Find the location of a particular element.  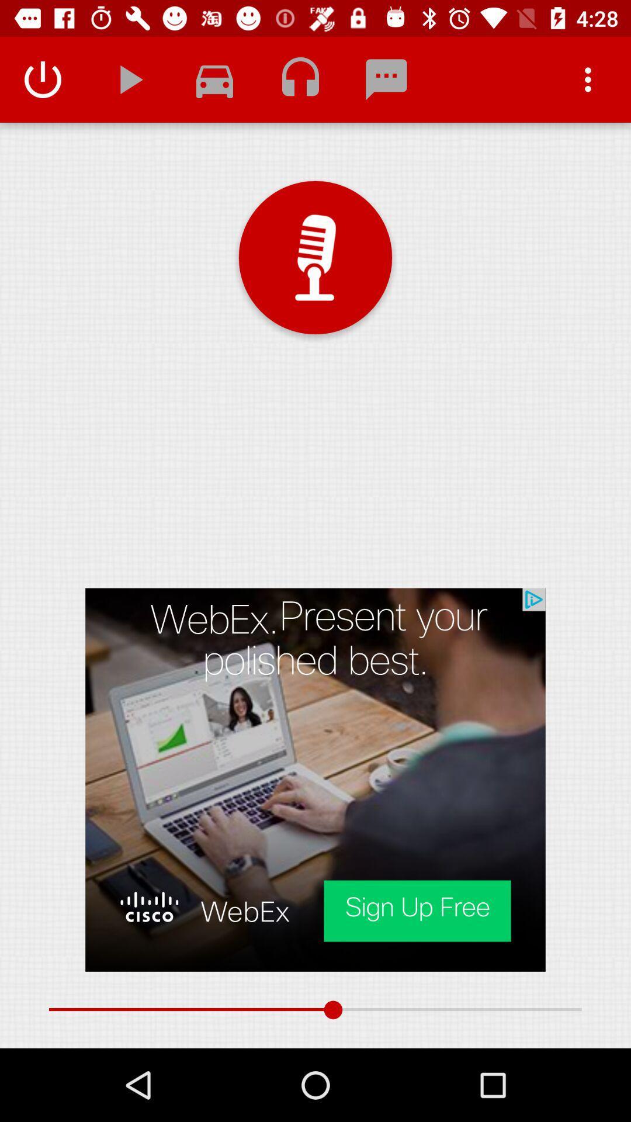

the more icon is located at coordinates (588, 79).